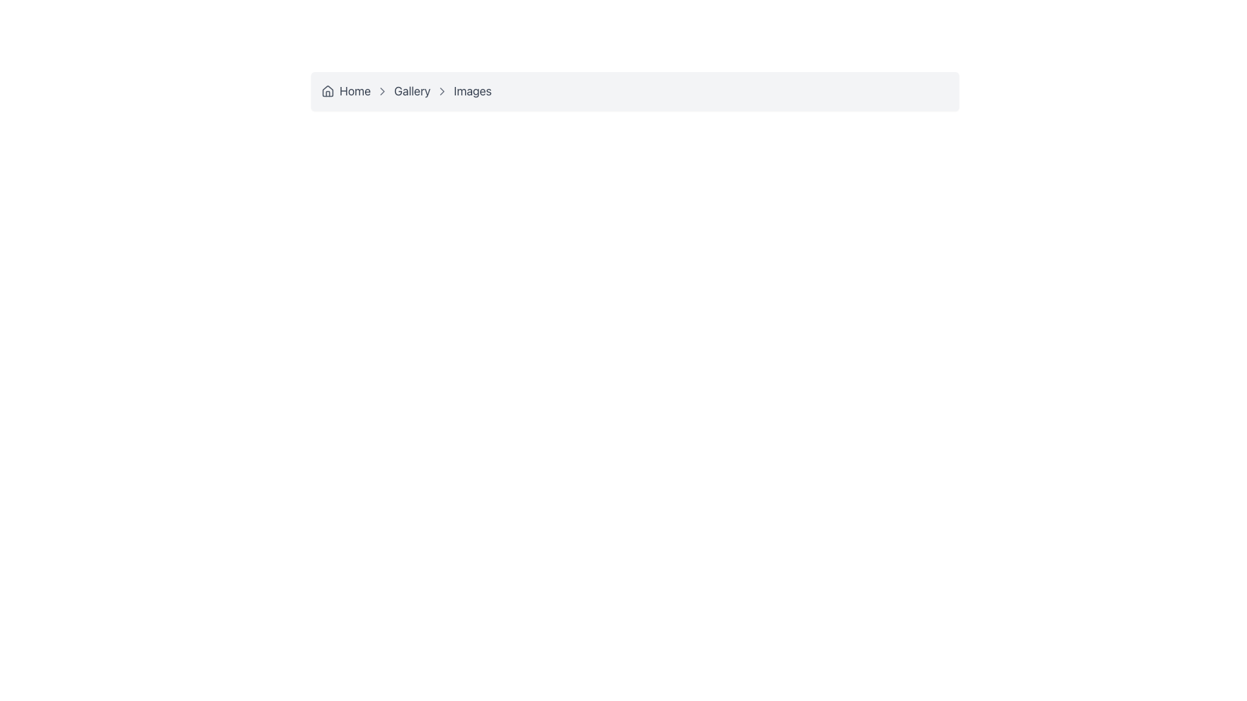 This screenshot has width=1247, height=701. What do you see at coordinates (472, 91) in the screenshot?
I see `the third item in the breadcrumb navigation labeled 'Images' to change its color to blue` at bounding box center [472, 91].